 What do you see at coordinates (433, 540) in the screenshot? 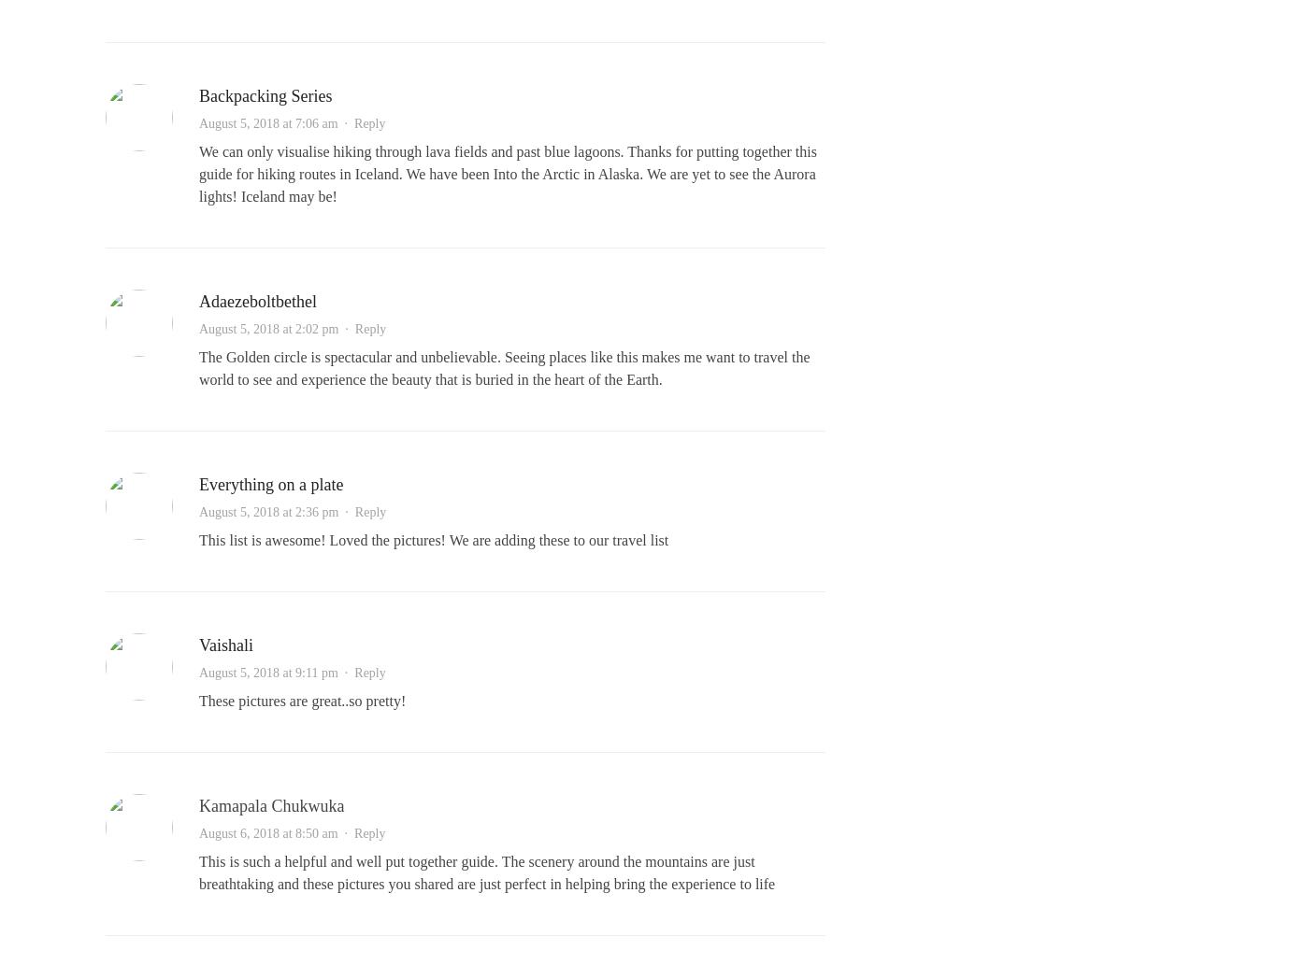
I see `'This list is awesome! Loved the pictures! We are adding these to our travel list'` at bounding box center [433, 540].